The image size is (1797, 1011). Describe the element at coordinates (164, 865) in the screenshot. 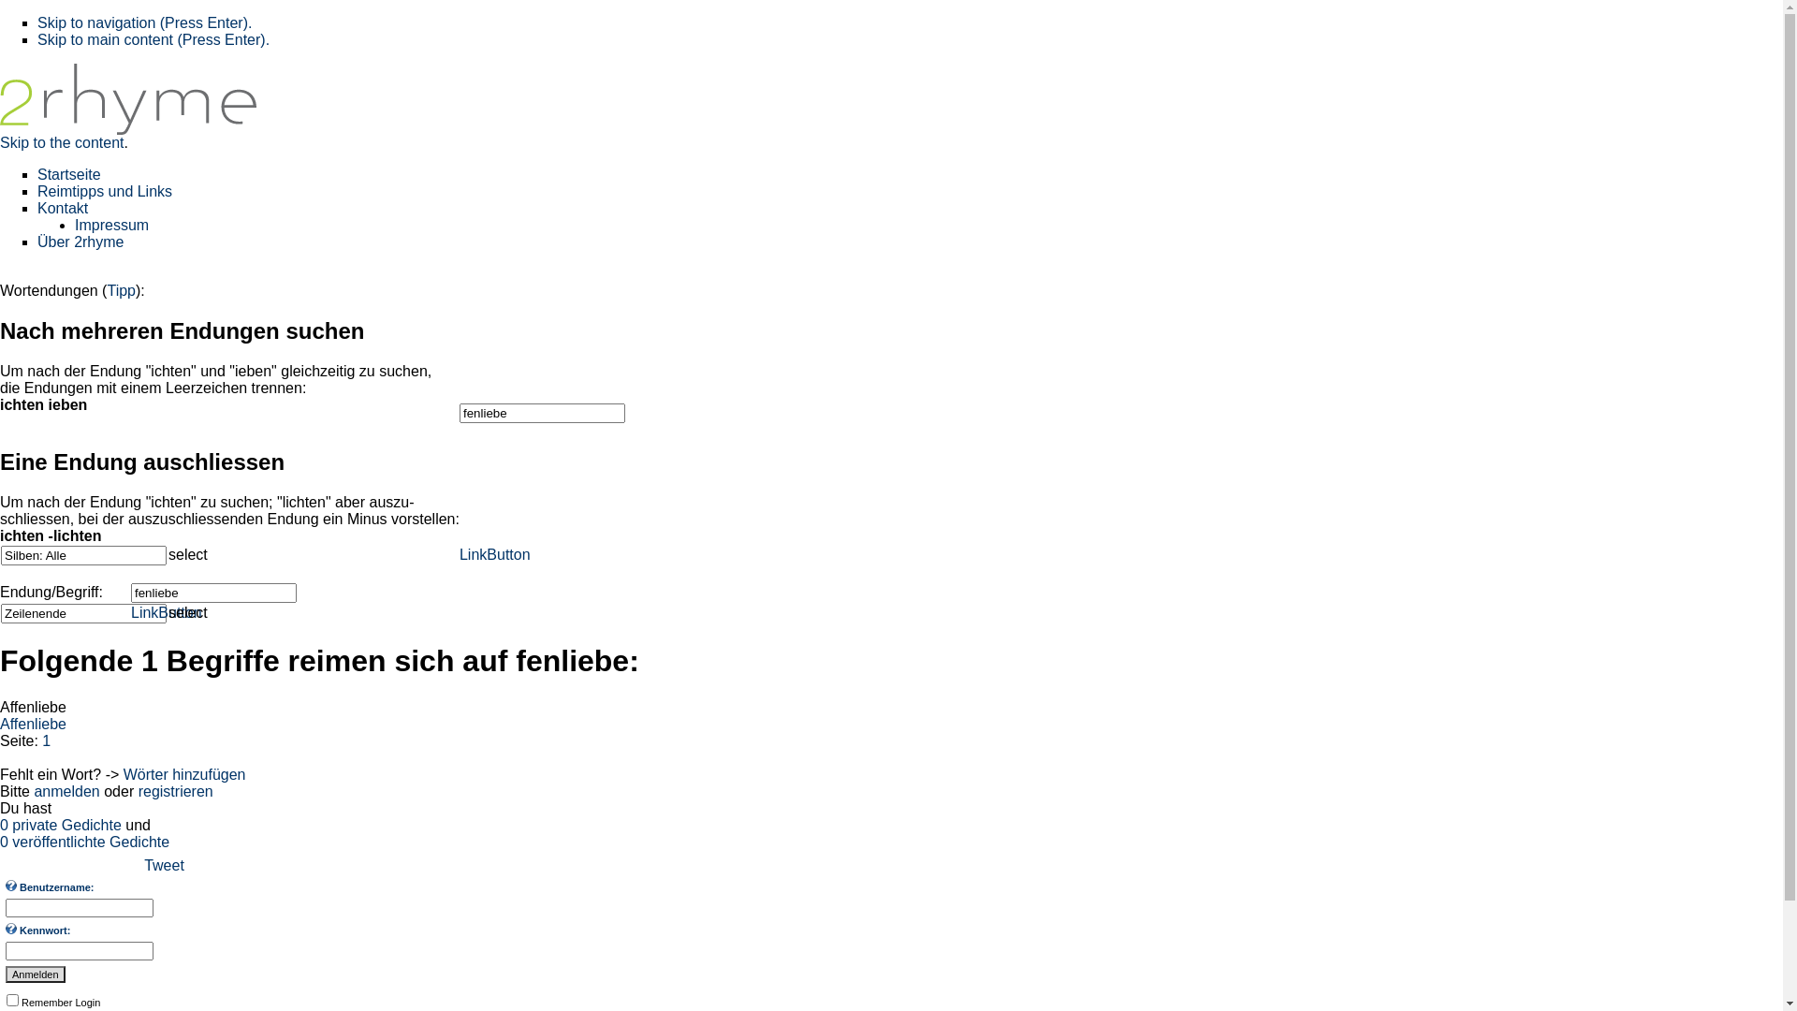

I see `'Tweet'` at that location.